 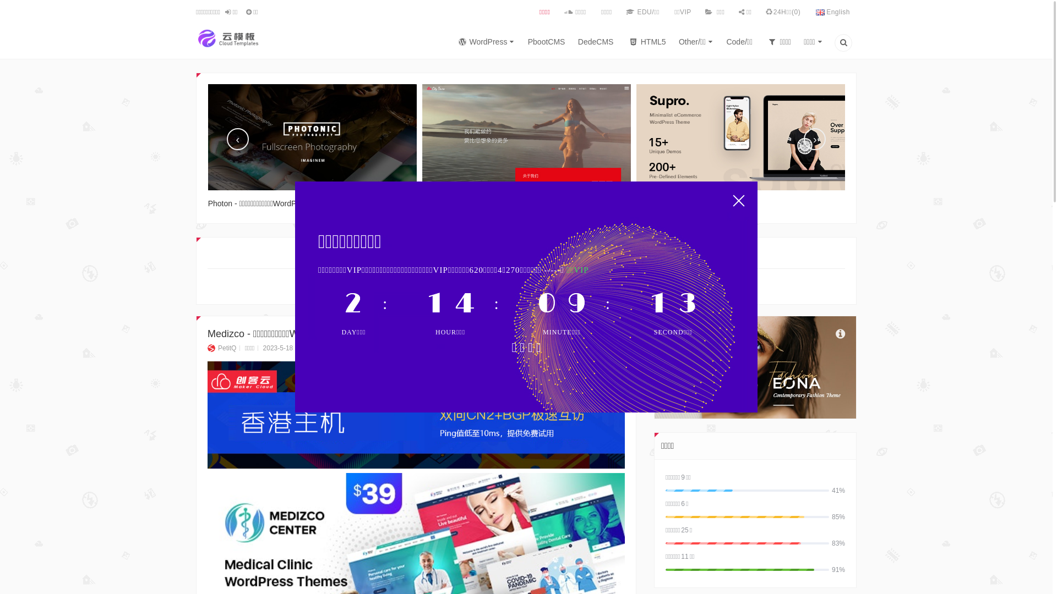 What do you see at coordinates (547, 43) in the screenshot?
I see `'PbootCMS'` at bounding box center [547, 43].